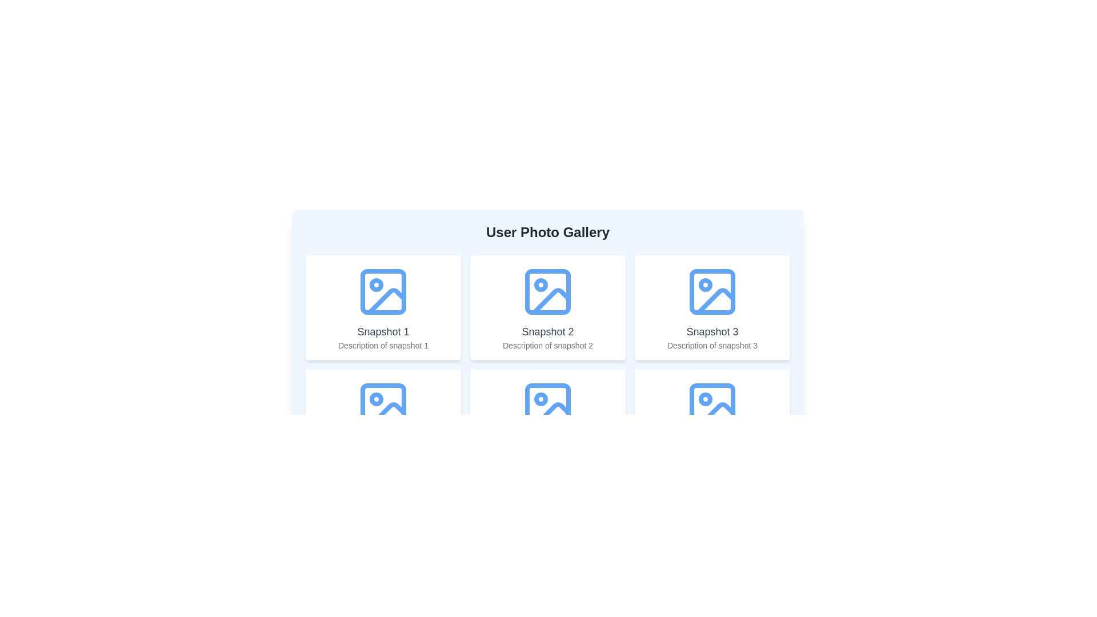  I want to click on the decorative or informative iconographic marker located at the bottom-right corner of the gallery image icon for the third snapshot in the second row of the photo gallery, so click(704, 398).